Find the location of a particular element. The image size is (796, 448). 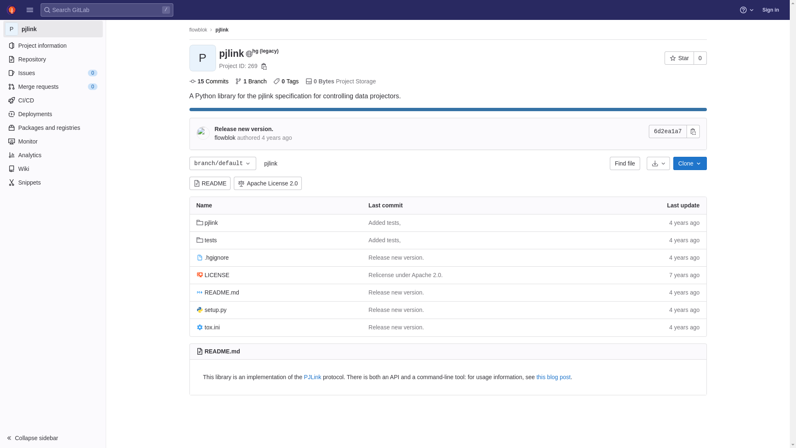

'Project information' is located at coordinates (52, 46).